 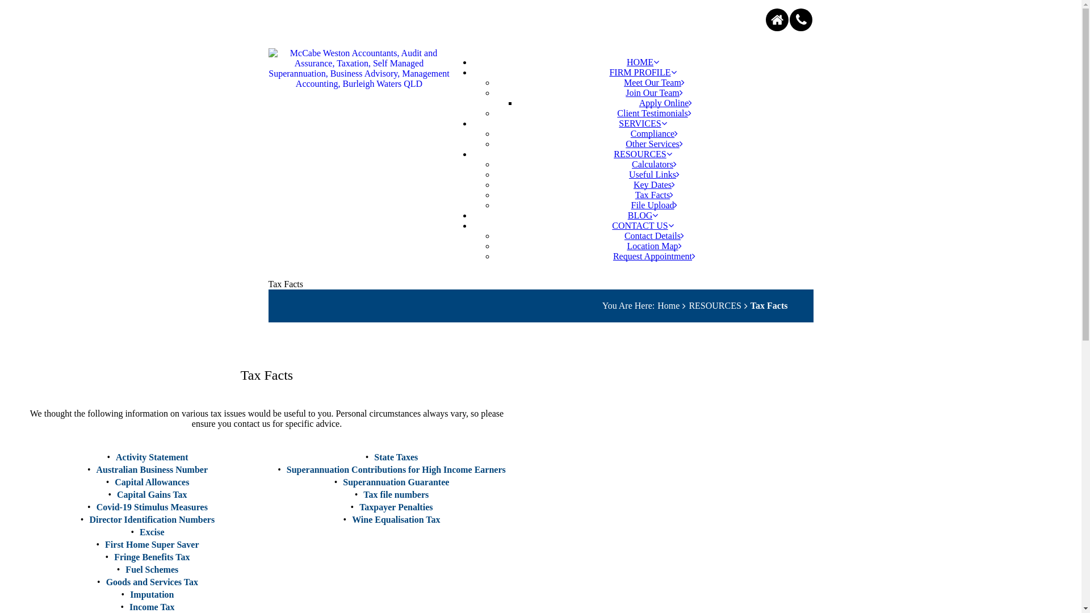 What do you see at coordinates (396, 519) in the screenshot?
I see `'Wine Equalisation Tax'` at bounding box center [396, 519].